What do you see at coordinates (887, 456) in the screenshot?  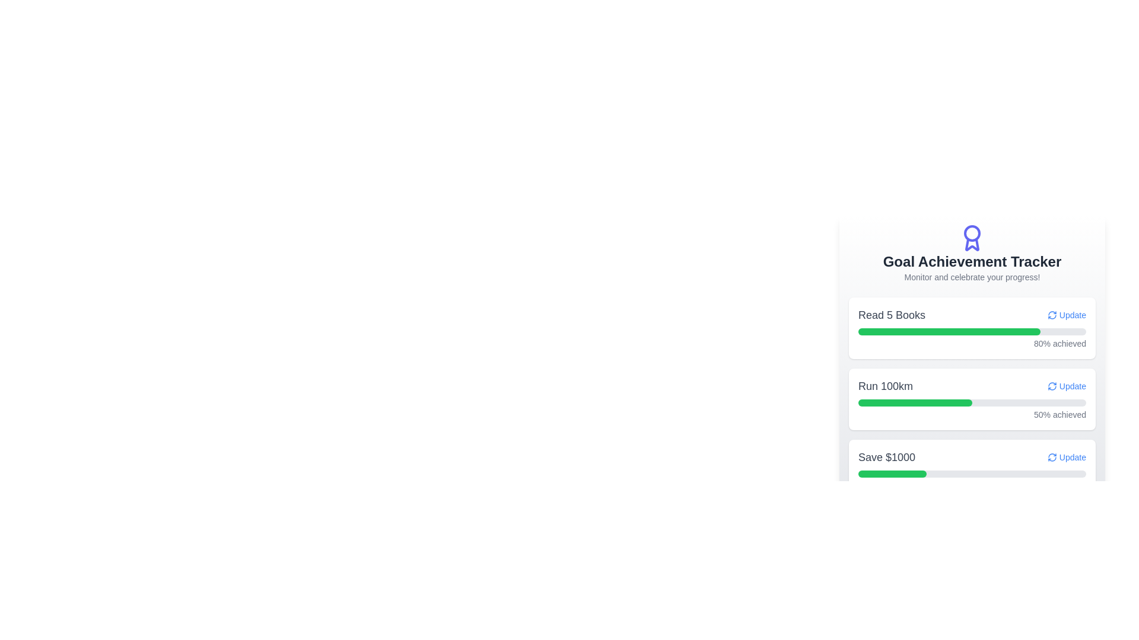 I see `static text label describing the financial saving goal 'Save $1000', located in the last row of the 'Goal Achievement Tracker' section, to the left of the 'Update' link button` at bounding box center [887, 456].